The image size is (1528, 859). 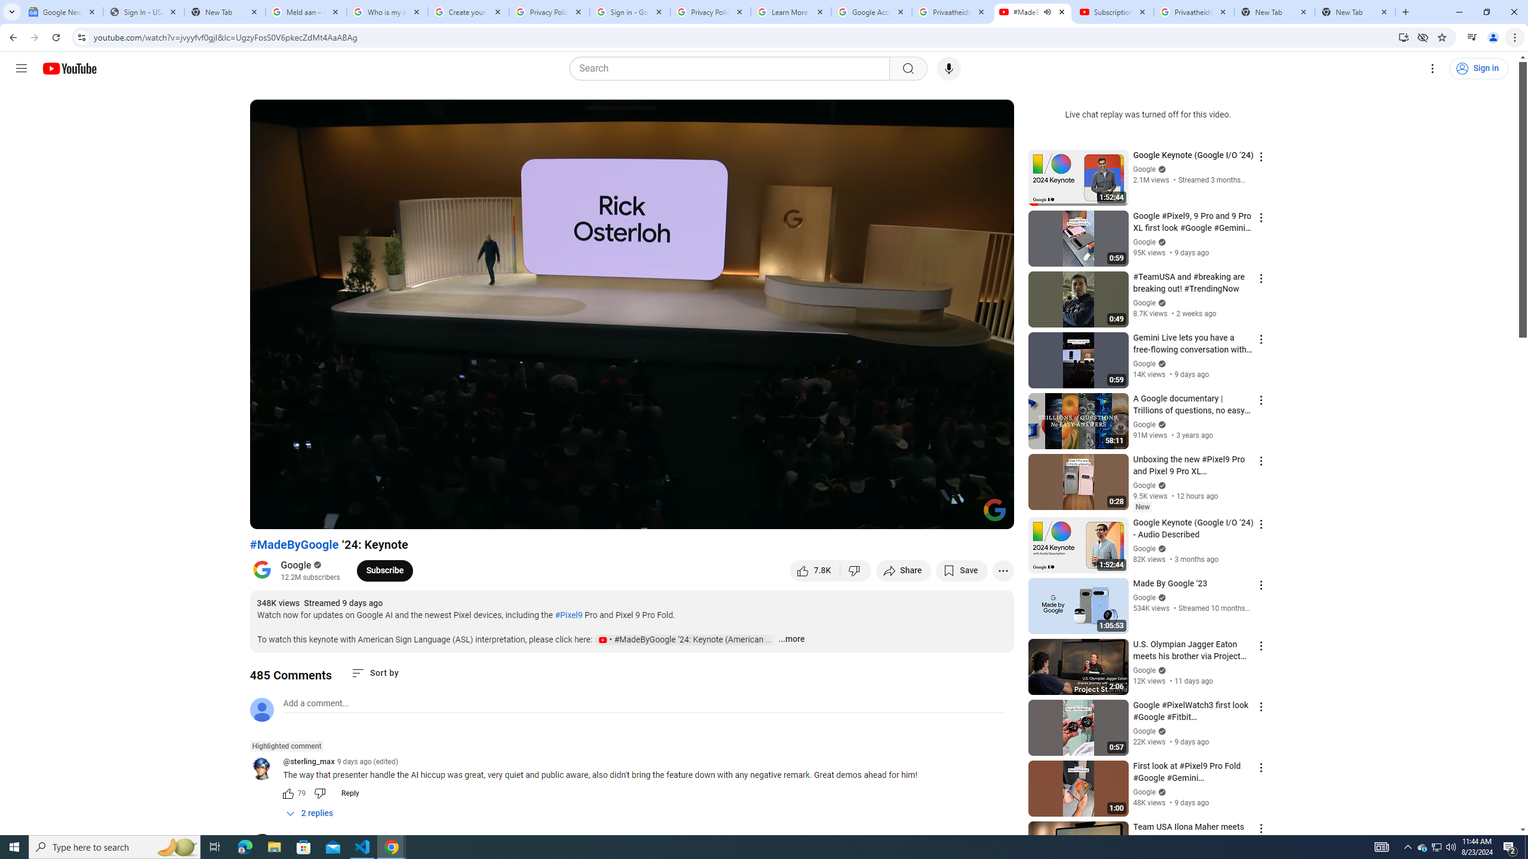 I want to click on 'Full screen (f)', so click(x=992, y=514).